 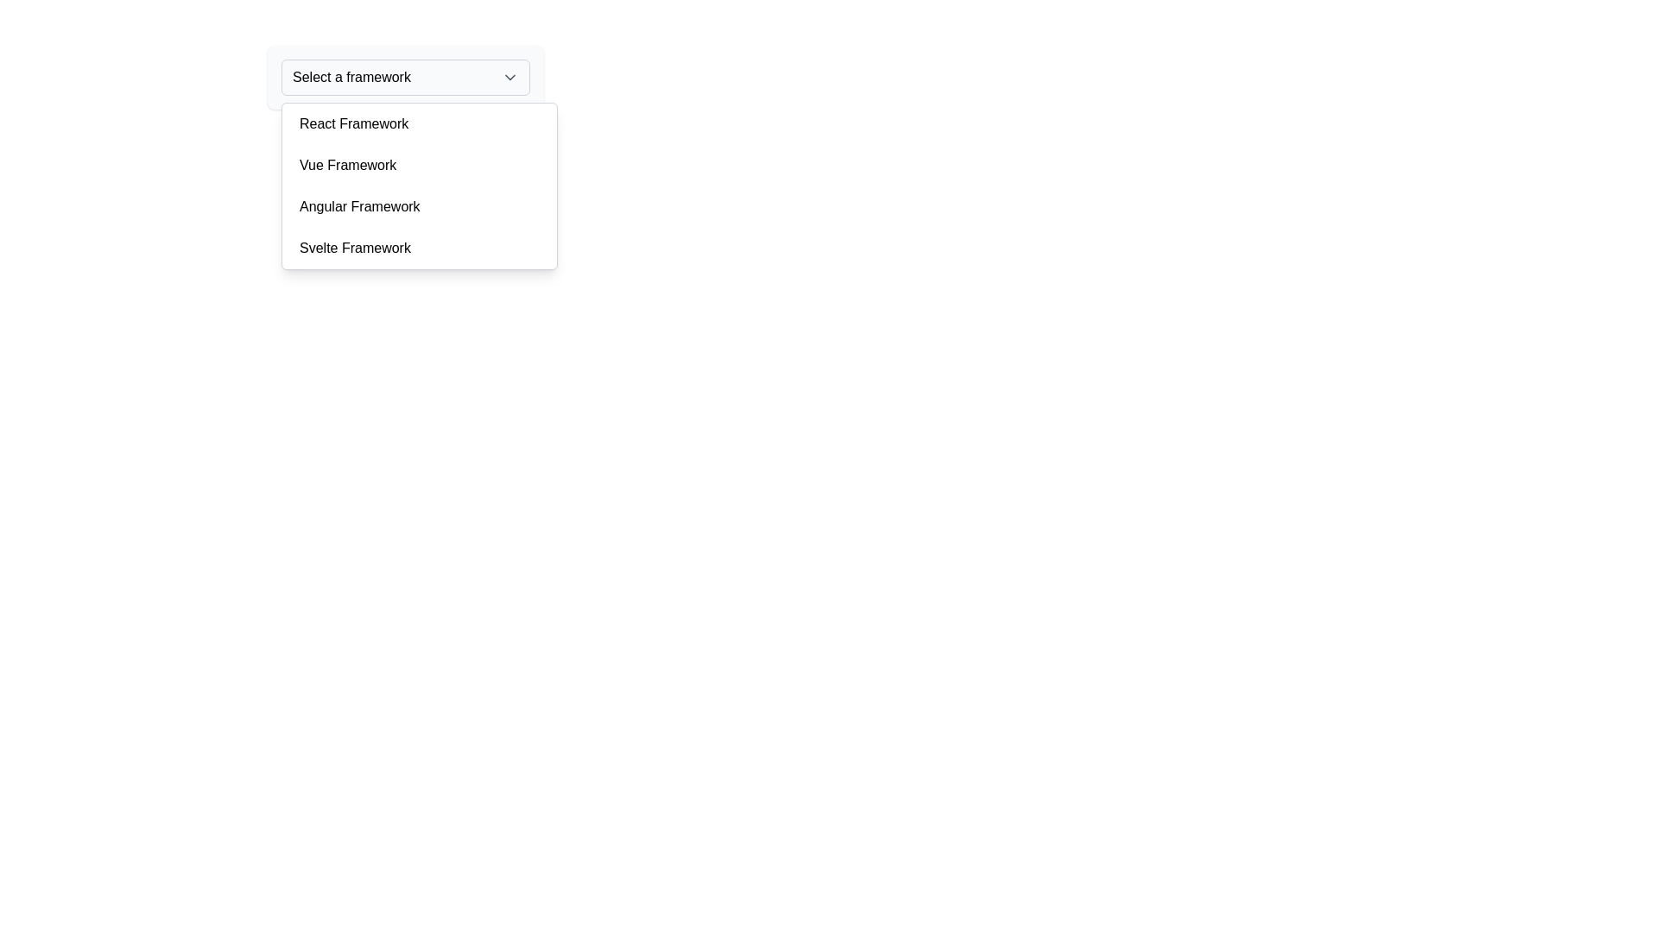 What do you see at coordinates (419, 205) in the screenshot?
I see `the 'Angular Framework' option in the dropdown menu` at bounding box center [419, 205].